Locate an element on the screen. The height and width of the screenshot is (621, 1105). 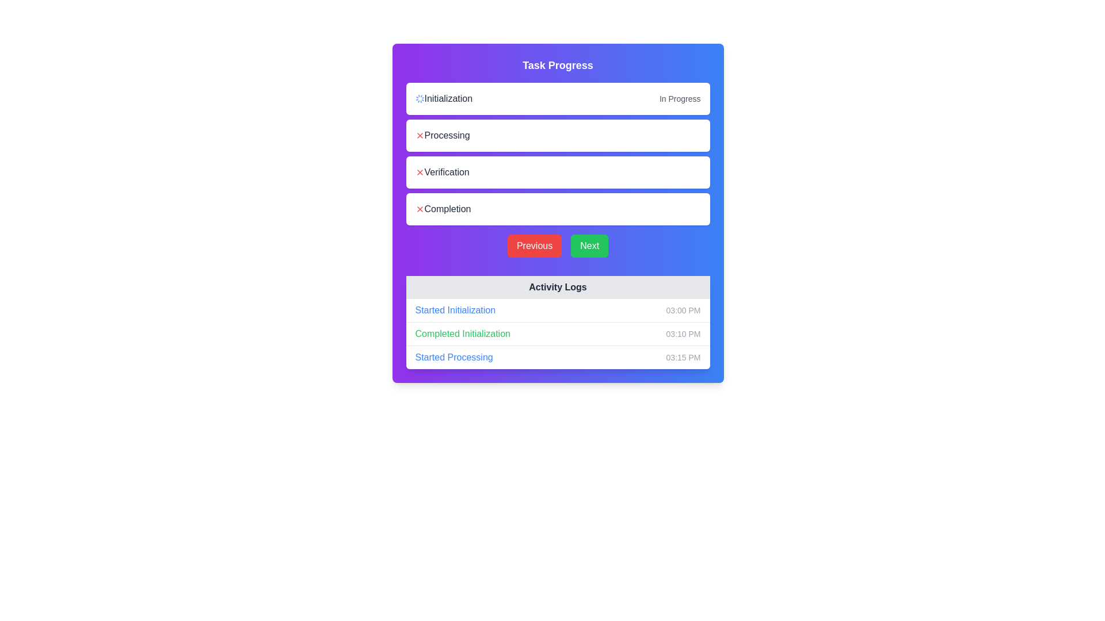
the first button from the left that allows users is located at coordinates (534, 246).